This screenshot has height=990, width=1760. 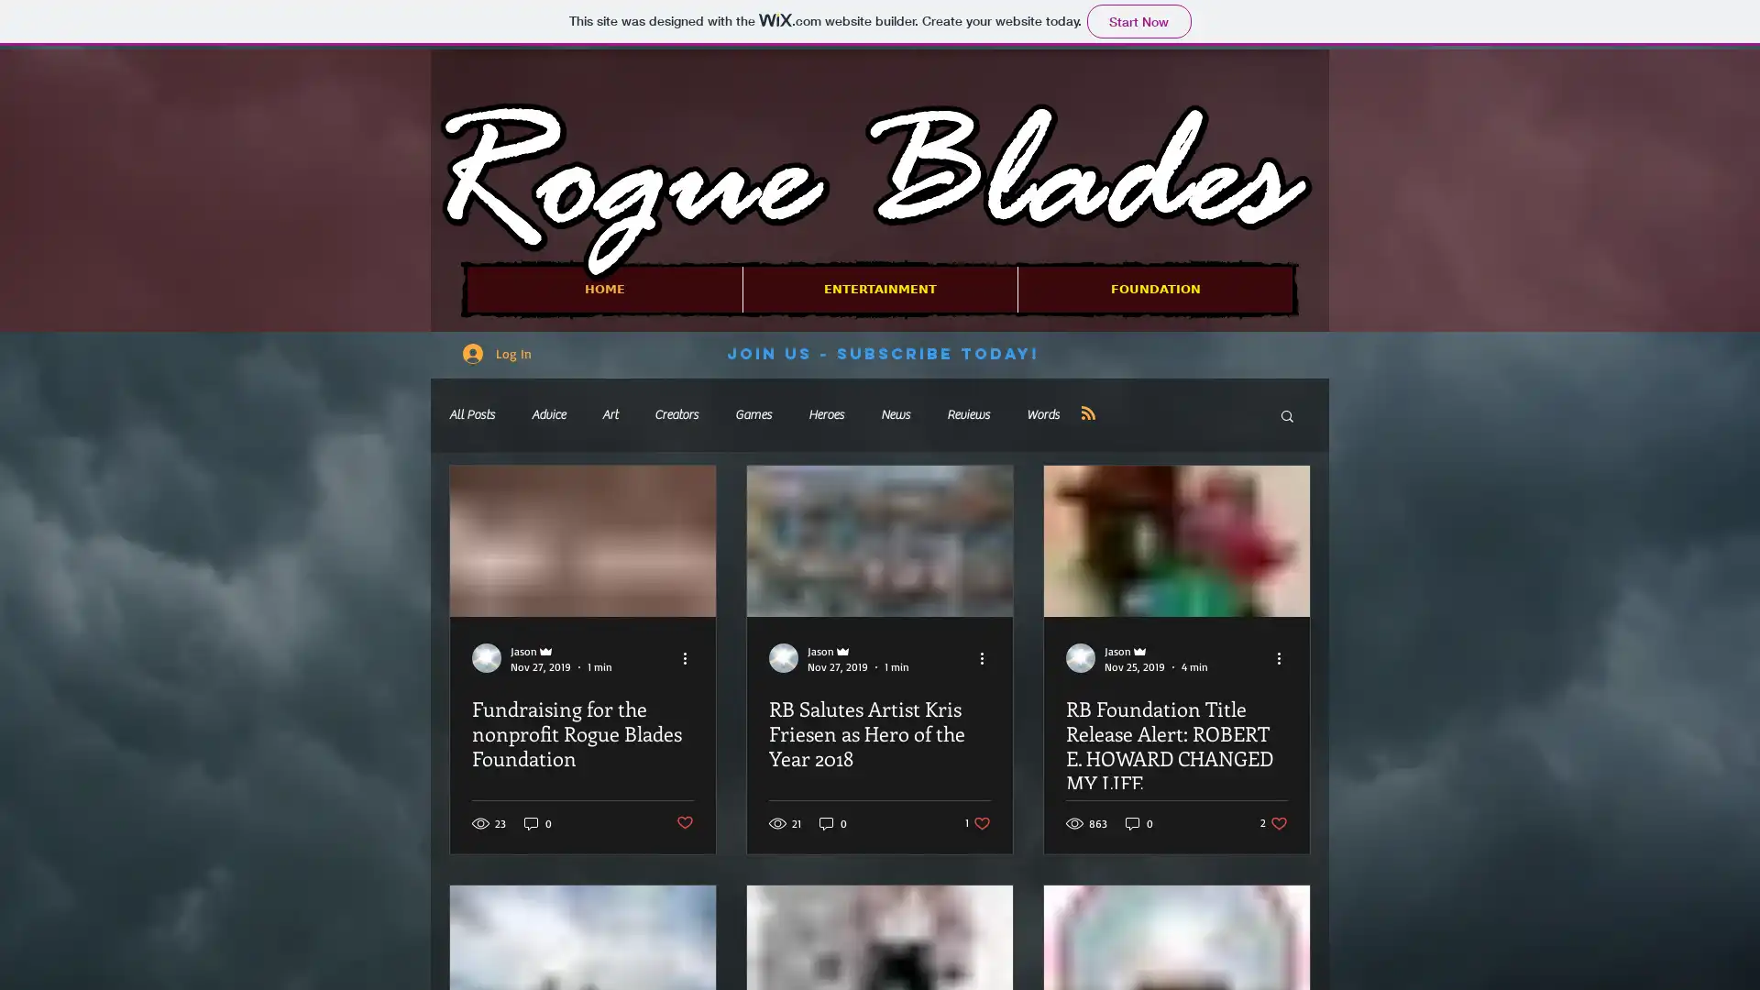 What do you see at coordinates (825, 414) in the screenshot?
I see `Heroes` at bounding box center [825, 414].